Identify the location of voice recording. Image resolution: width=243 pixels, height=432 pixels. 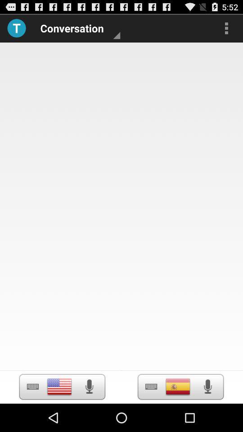
(207, 386).